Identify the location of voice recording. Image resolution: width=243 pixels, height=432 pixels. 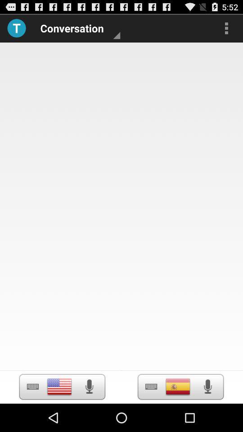
(207, 386).